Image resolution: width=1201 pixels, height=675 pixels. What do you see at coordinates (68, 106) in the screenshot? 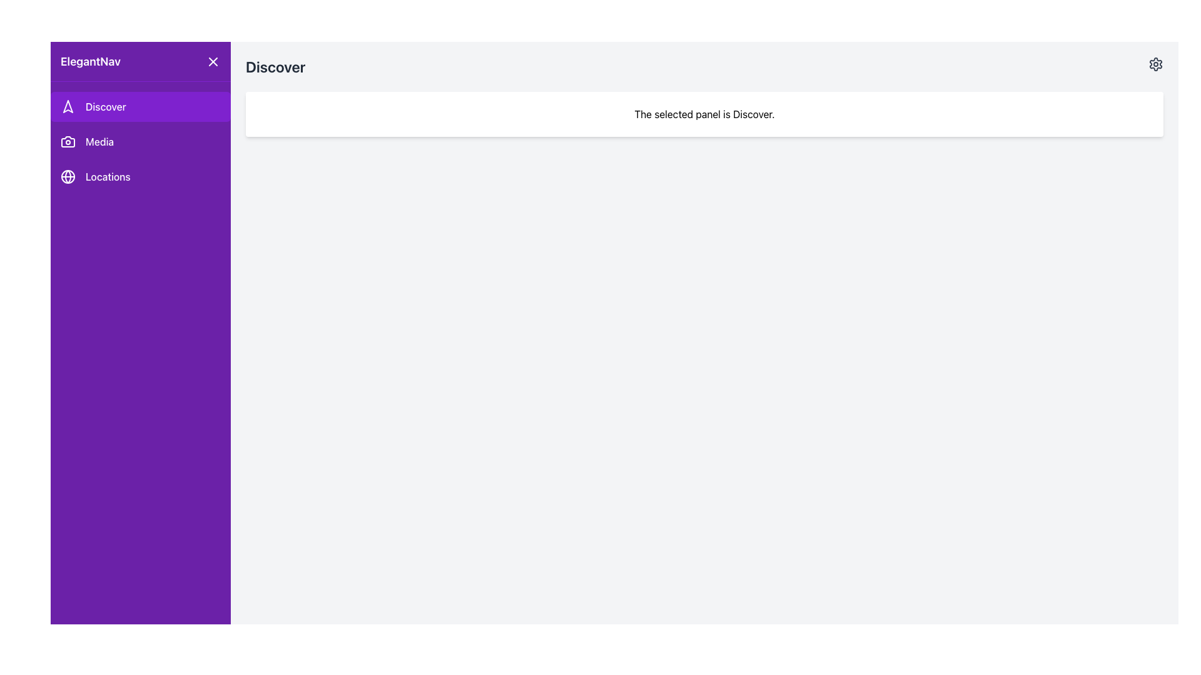
I see `the 'Discover' Icon in the navigation sidebar` at bounding box center [68, 106].